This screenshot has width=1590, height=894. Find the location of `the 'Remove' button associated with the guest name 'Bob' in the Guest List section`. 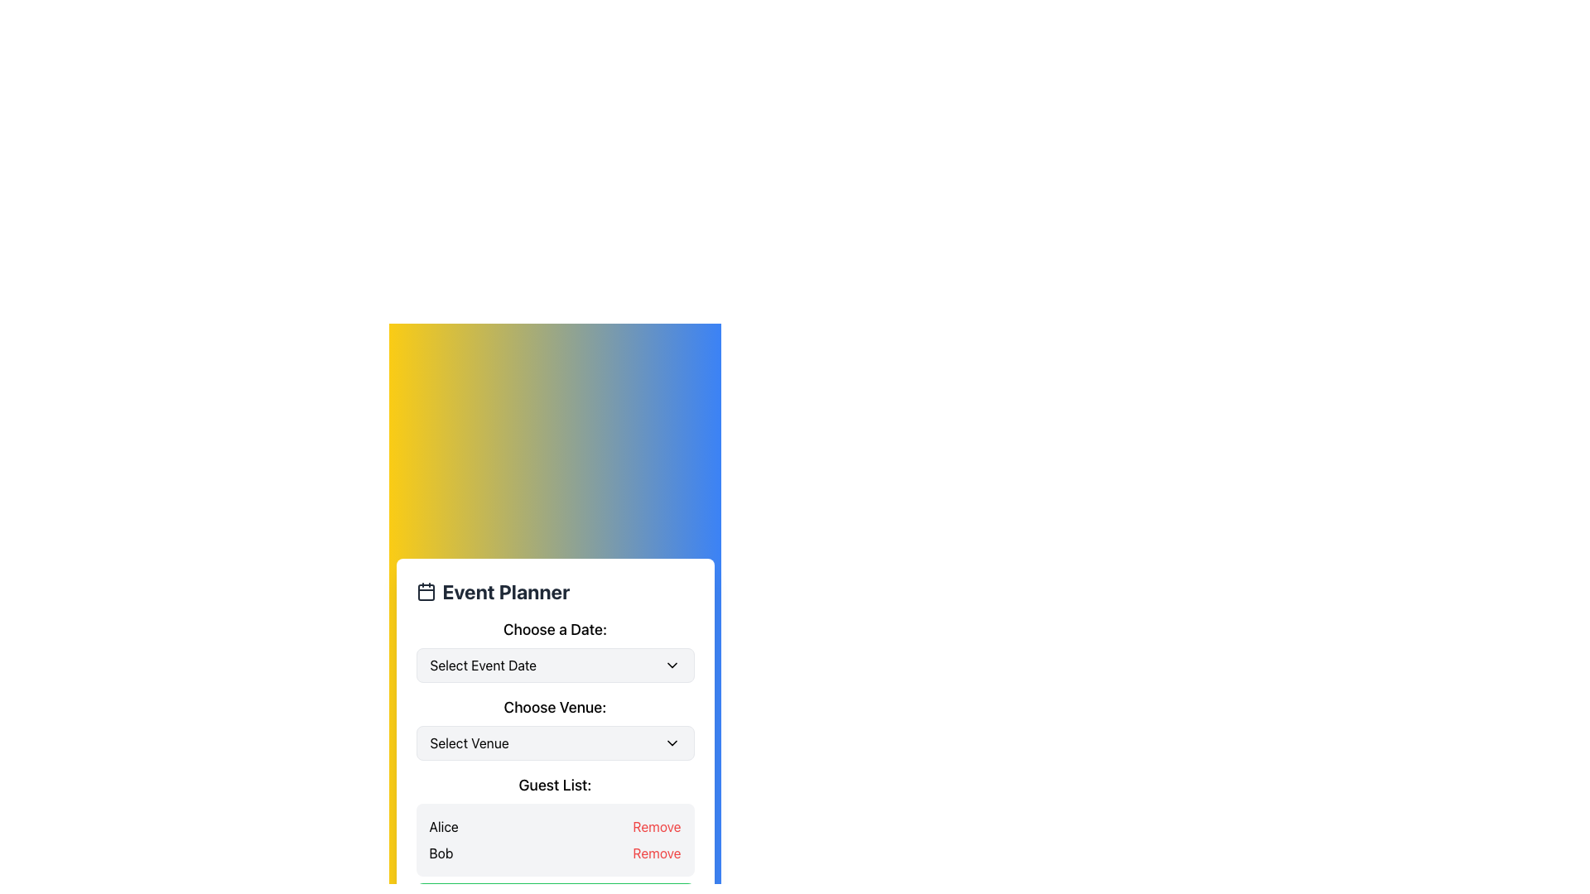

the 'Remove' button associated with the guest name 'Bob' in the Guest List section is located at coordinates (555, 853).